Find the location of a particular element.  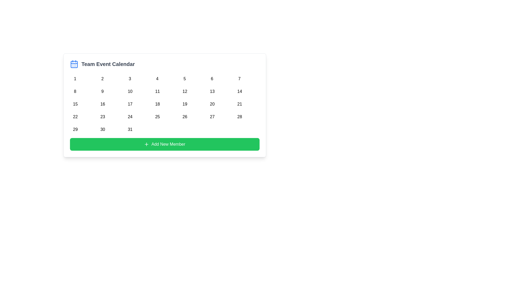

the 'Add Member' button located at the bottom of the 'Team Event Calendar' card to trigger a visual change is located at coordinates (164, 144).